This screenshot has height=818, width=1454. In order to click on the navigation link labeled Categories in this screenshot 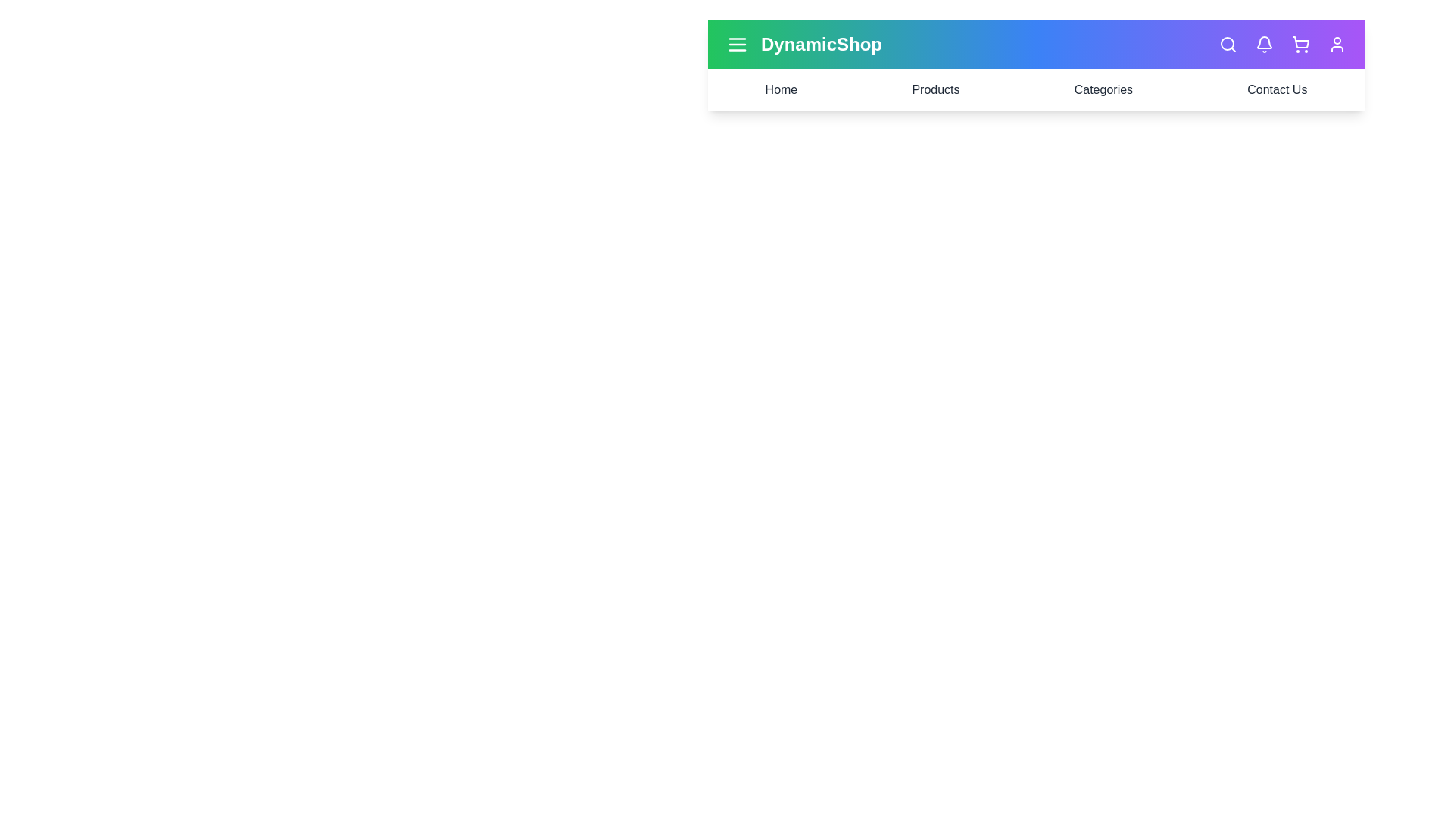, I will do `click(1103, 90)`.